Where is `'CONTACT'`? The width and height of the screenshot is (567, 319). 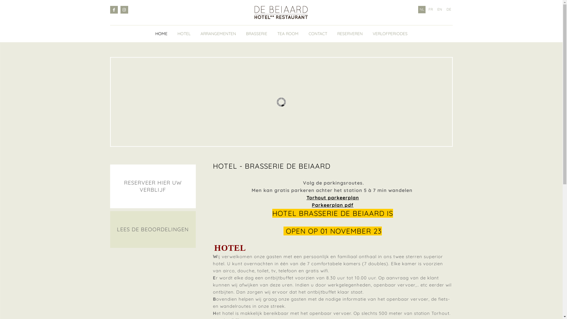
'CONTACT' is located at coordinates (317, 34).